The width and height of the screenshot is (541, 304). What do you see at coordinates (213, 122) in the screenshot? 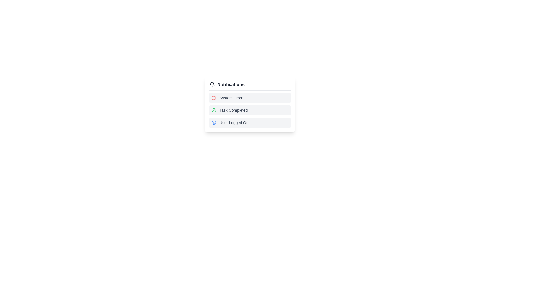
I see `the circular icon with a blue outline and a cross, located next to the 'User Logged Out' notification text` at bounding box center [213, 122].